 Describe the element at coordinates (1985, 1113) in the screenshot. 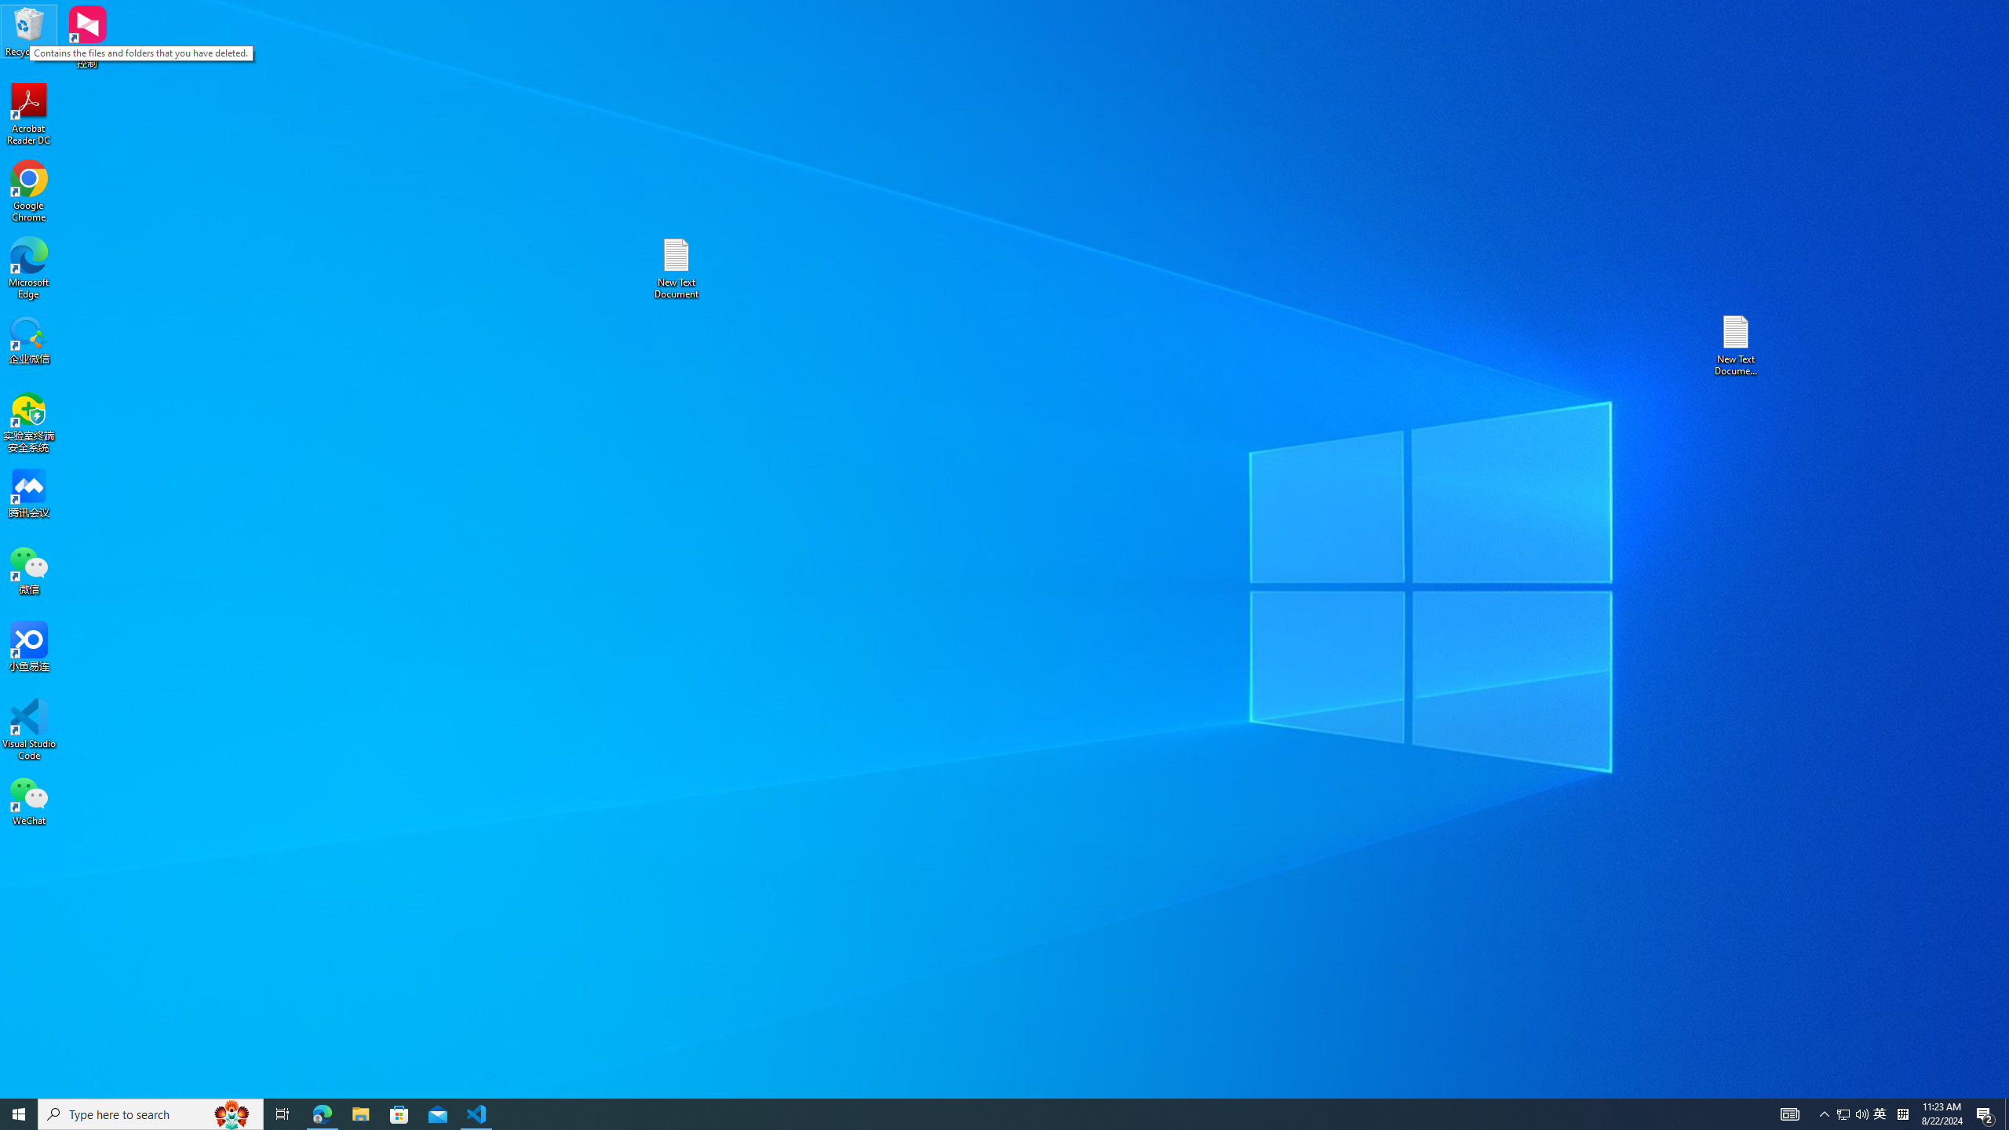

I see `'Action Center, 2 new notifications'` at that location.